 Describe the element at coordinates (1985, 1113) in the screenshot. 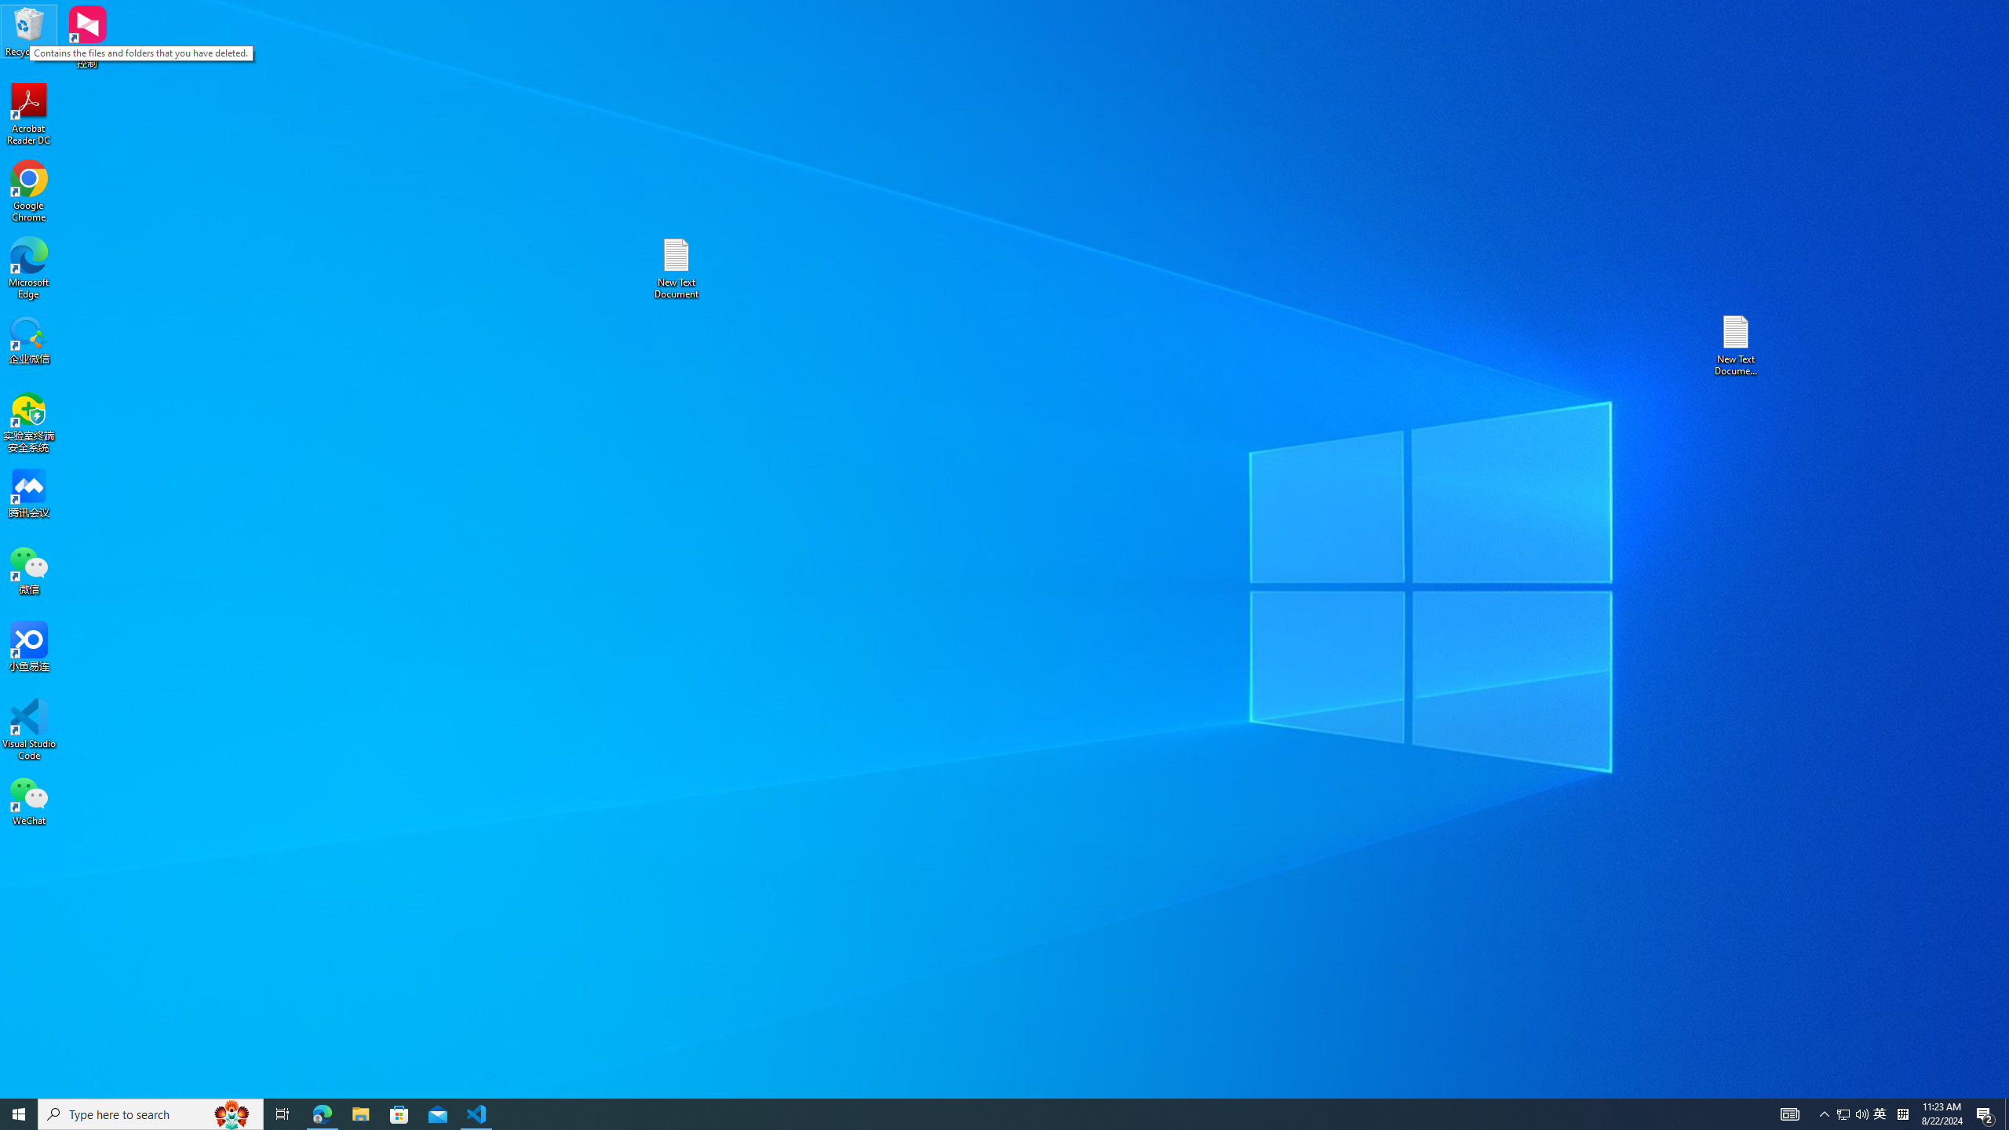

I see `'Action Center, 2 new notifications'` at that location.